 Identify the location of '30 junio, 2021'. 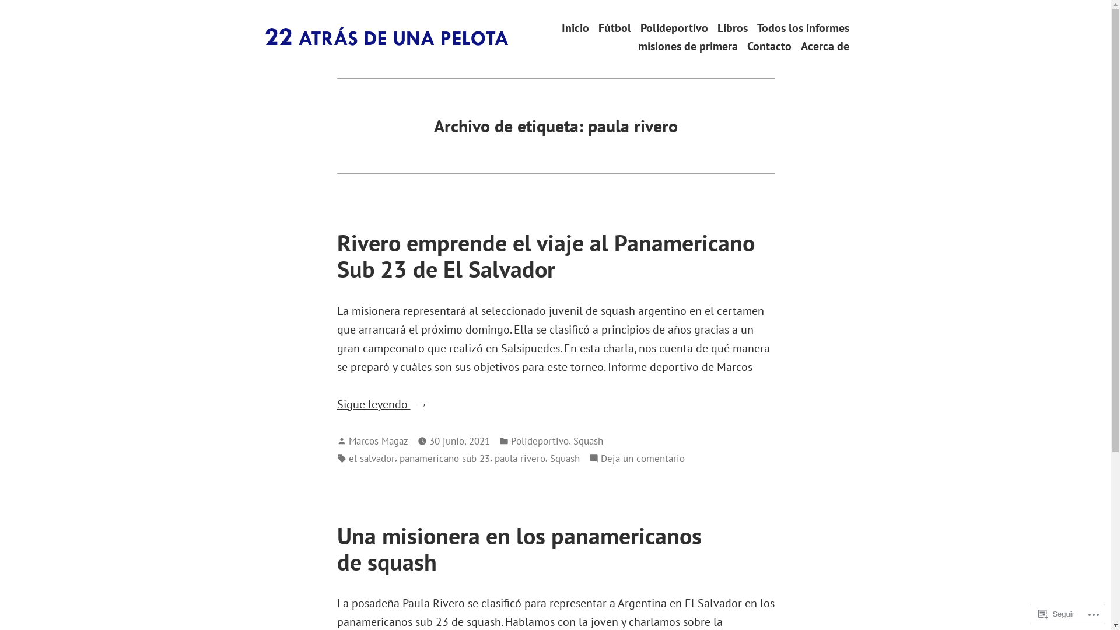
(459, 441).